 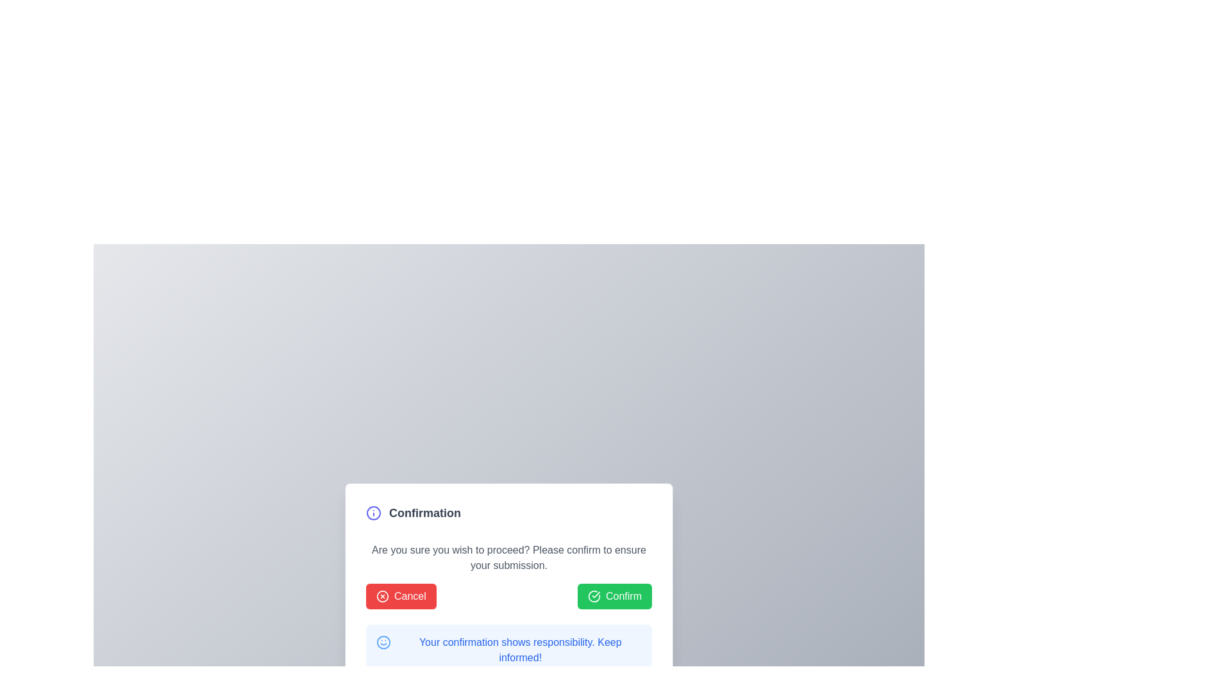 I want to click on the confirmation button located in the footer section of the modal window, which is the rightmost button next to the red 'Cancel' button, to confirm the action, so click(x=614, y=596).